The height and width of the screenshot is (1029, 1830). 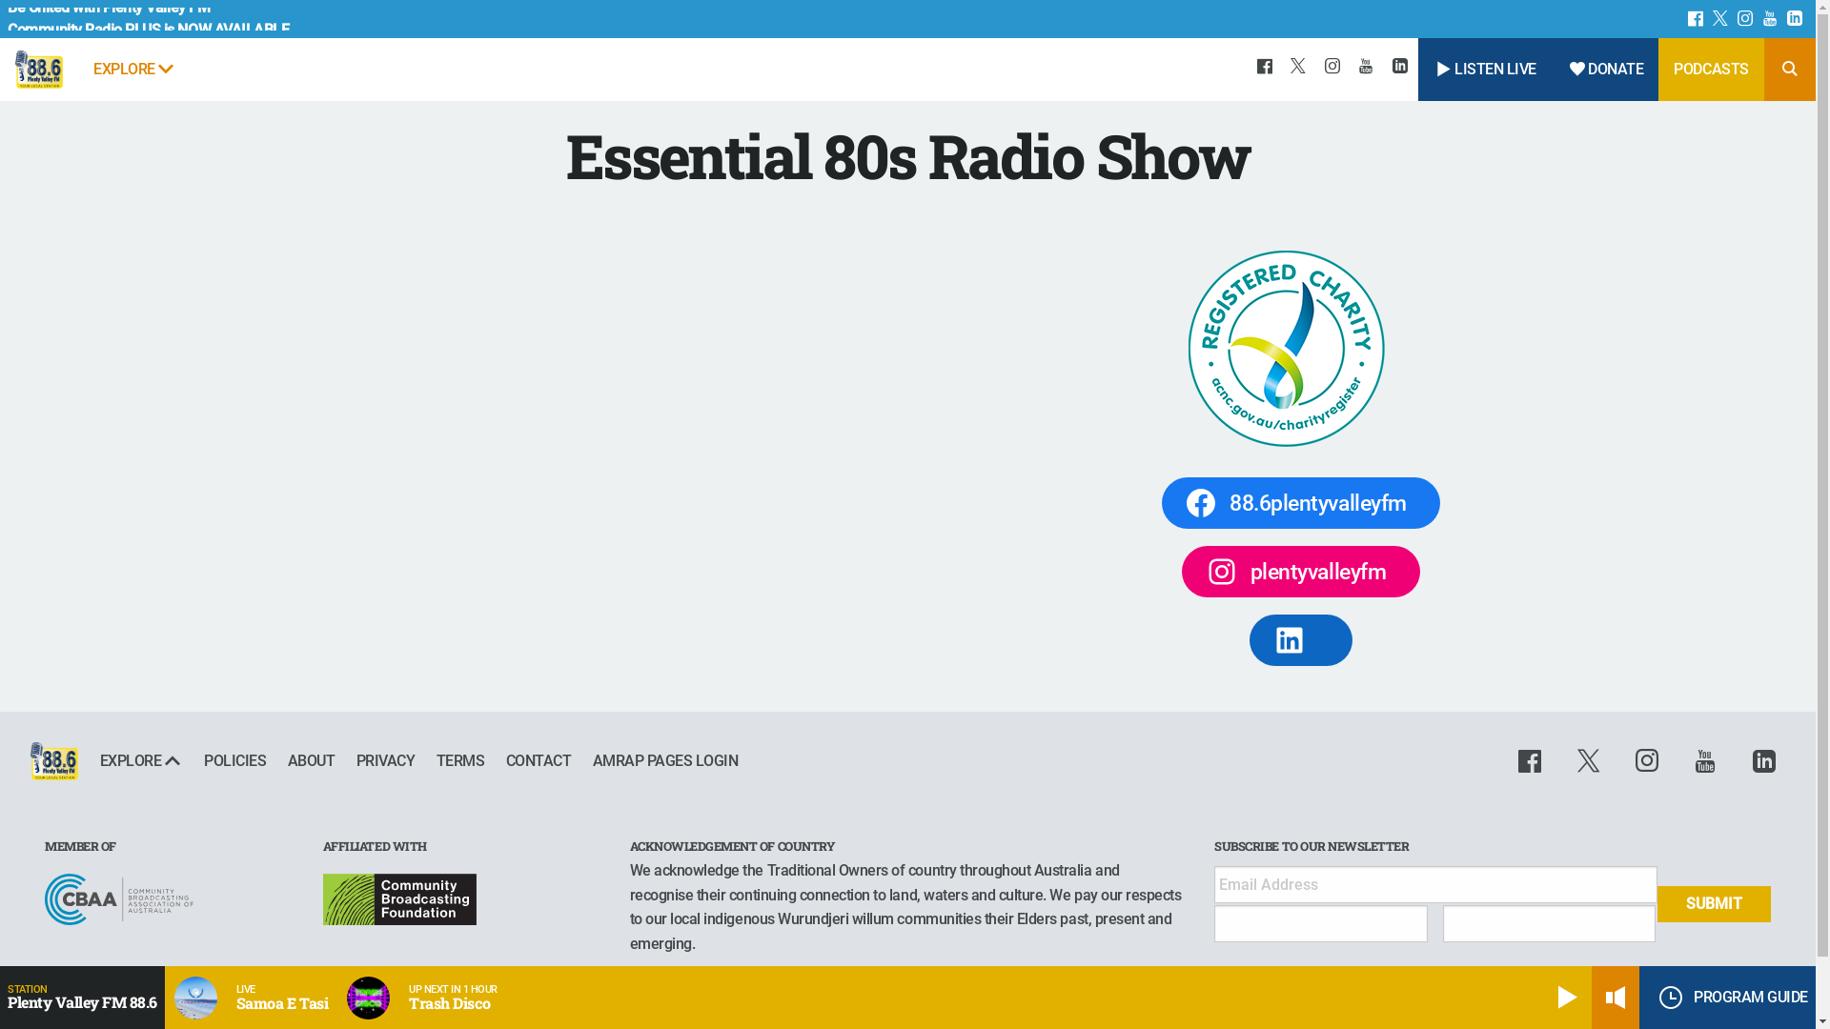 I want to click on 'POLICIES', so click(x=234, y=759).